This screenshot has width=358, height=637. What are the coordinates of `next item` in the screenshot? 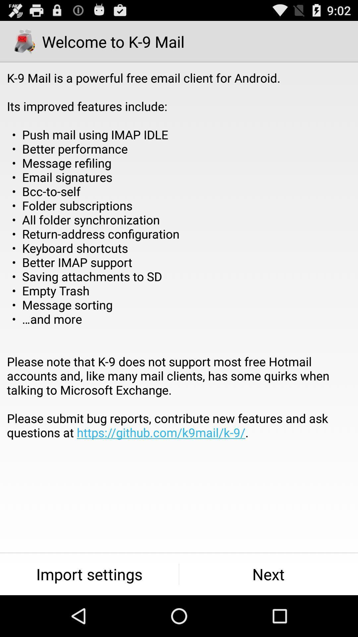 It's located at (268, 574).